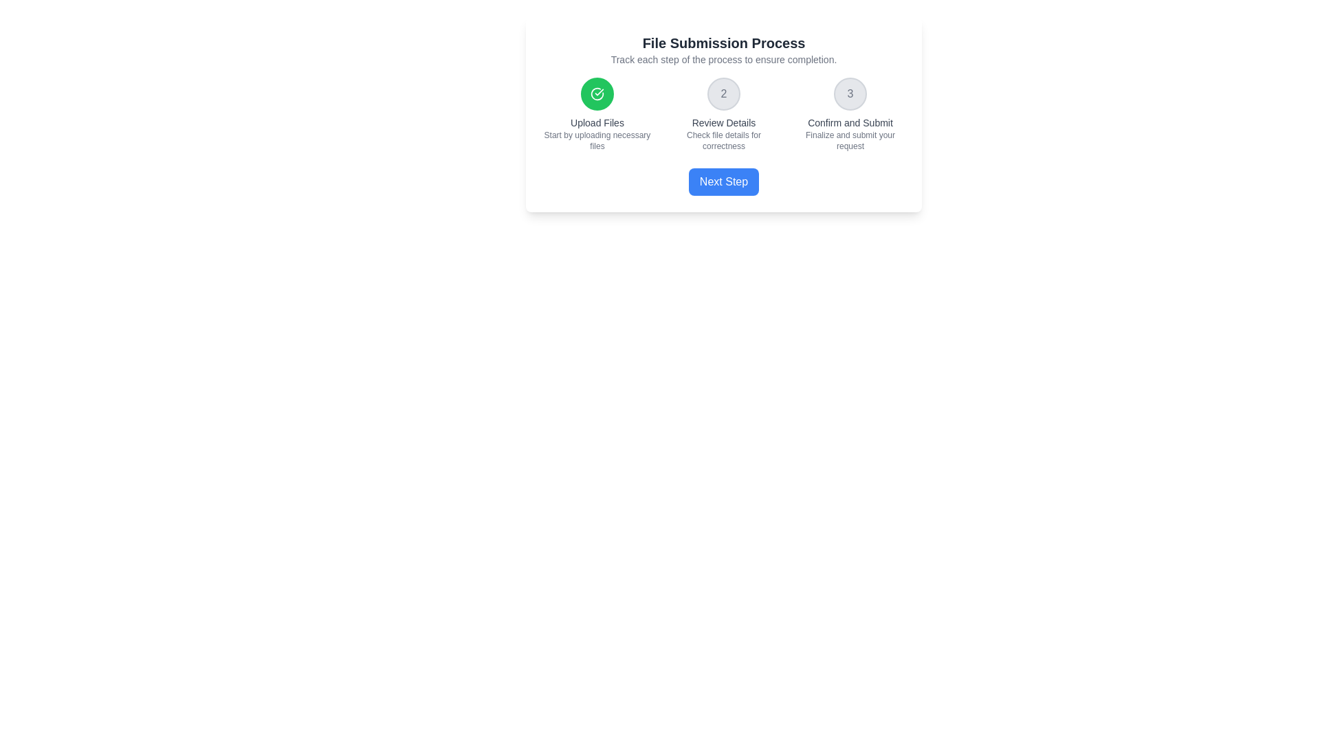 The height and width of the screenshot is (742, 1320). Describe the element at coordinates (723, 113) in the screenshot. I see `the second step of the Interactive Step Indicator` at that location.